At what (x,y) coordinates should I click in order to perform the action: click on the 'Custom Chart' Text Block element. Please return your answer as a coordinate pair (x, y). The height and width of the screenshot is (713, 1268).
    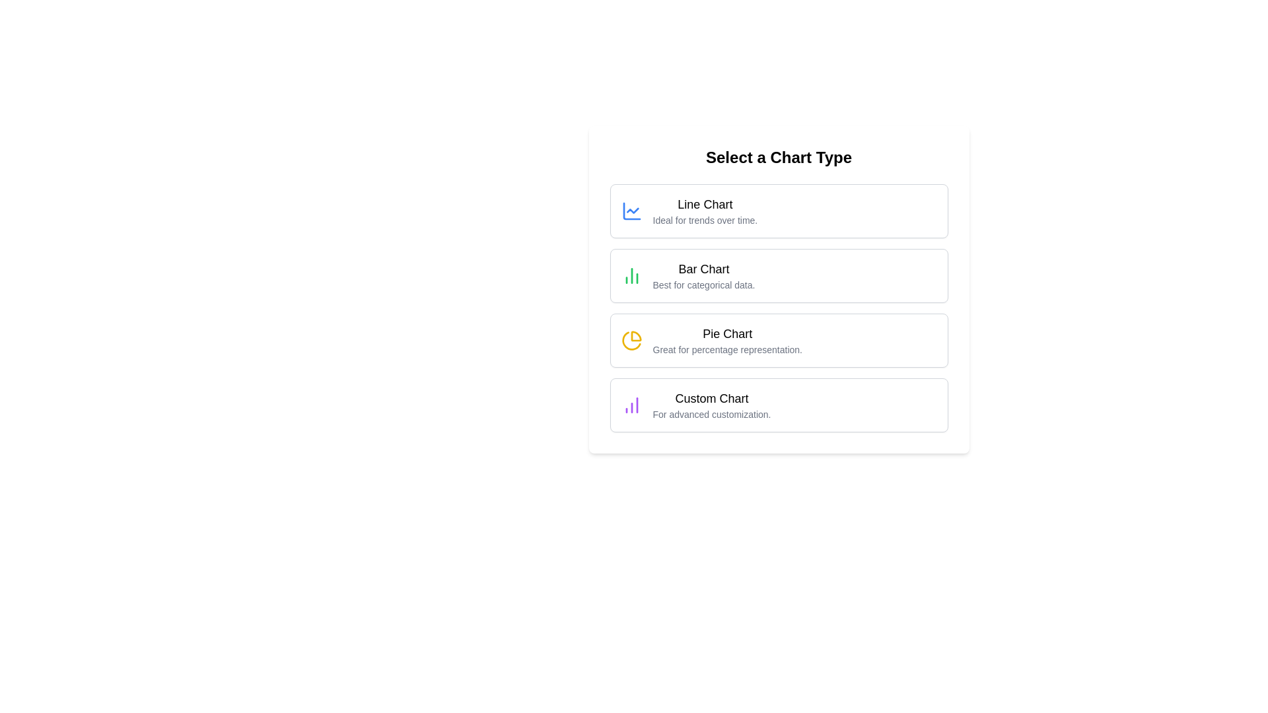
    Looking at the image, I should click on (711, 404).